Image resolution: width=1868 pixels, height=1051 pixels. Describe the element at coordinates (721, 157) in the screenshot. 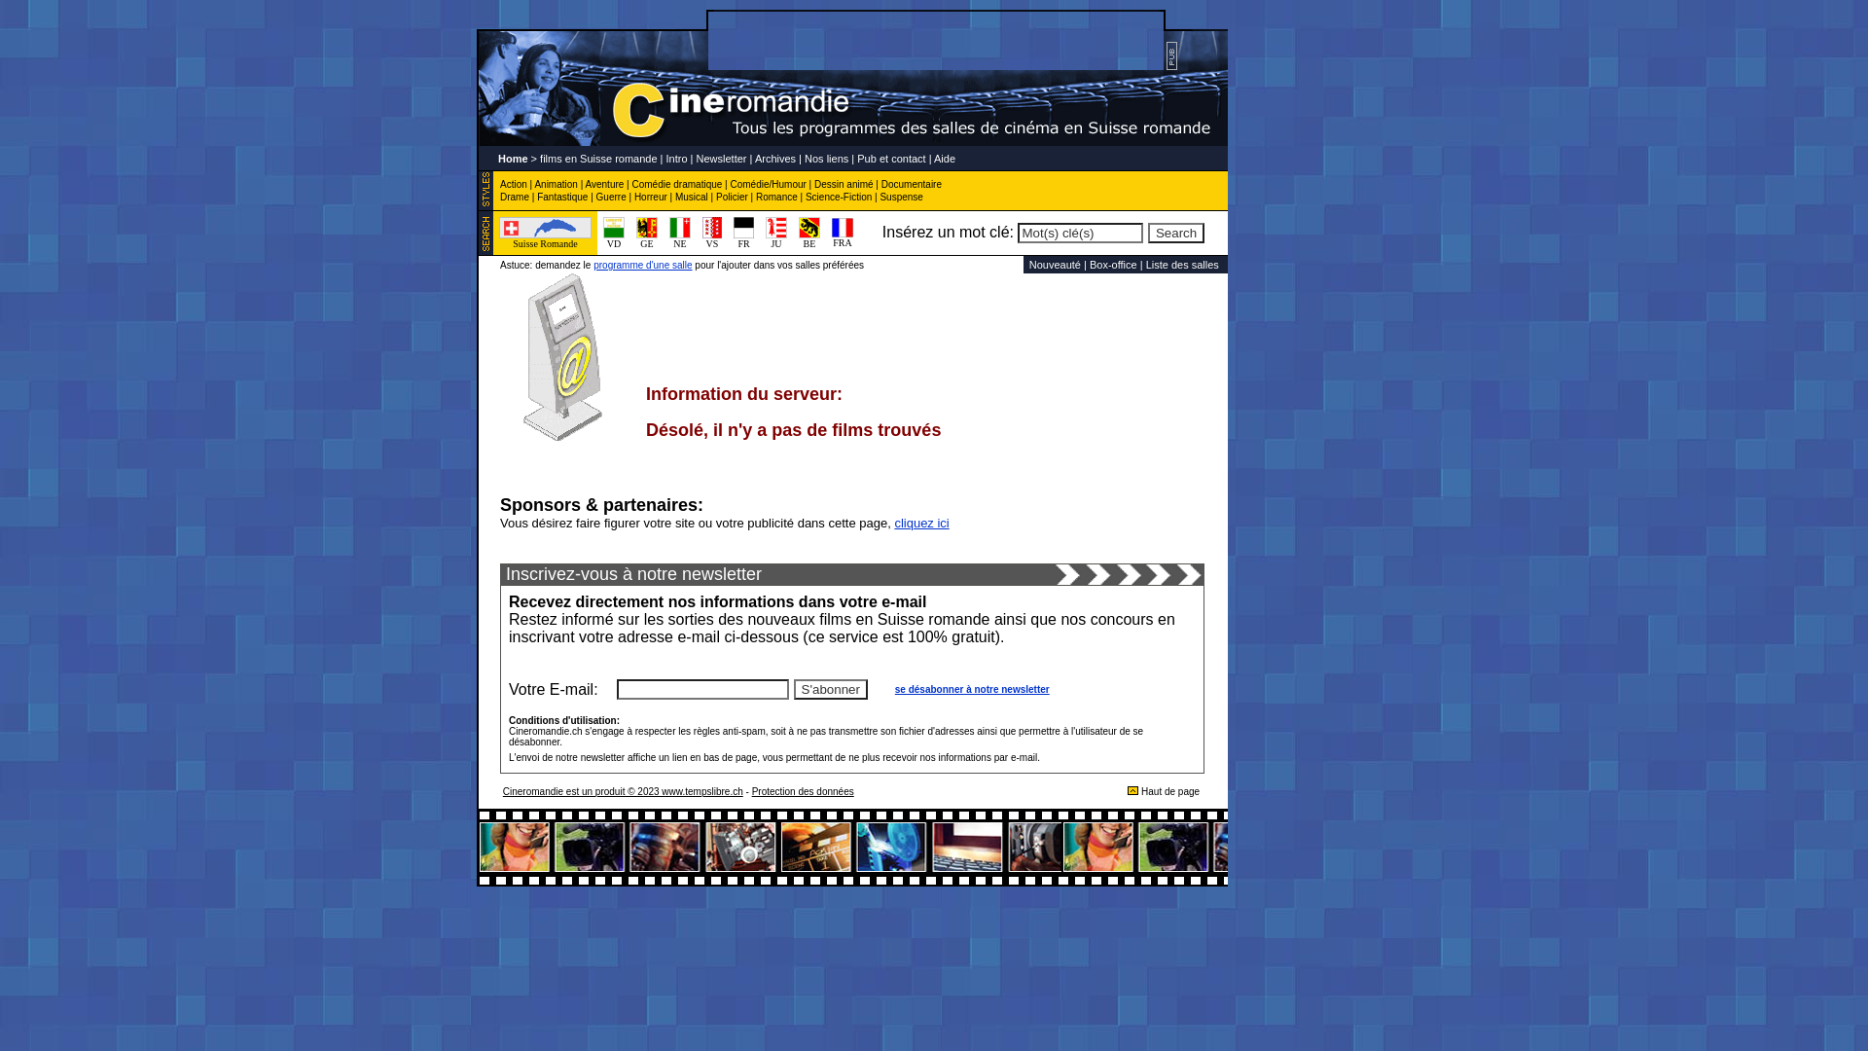

I see `'Newsletter'` at that location.